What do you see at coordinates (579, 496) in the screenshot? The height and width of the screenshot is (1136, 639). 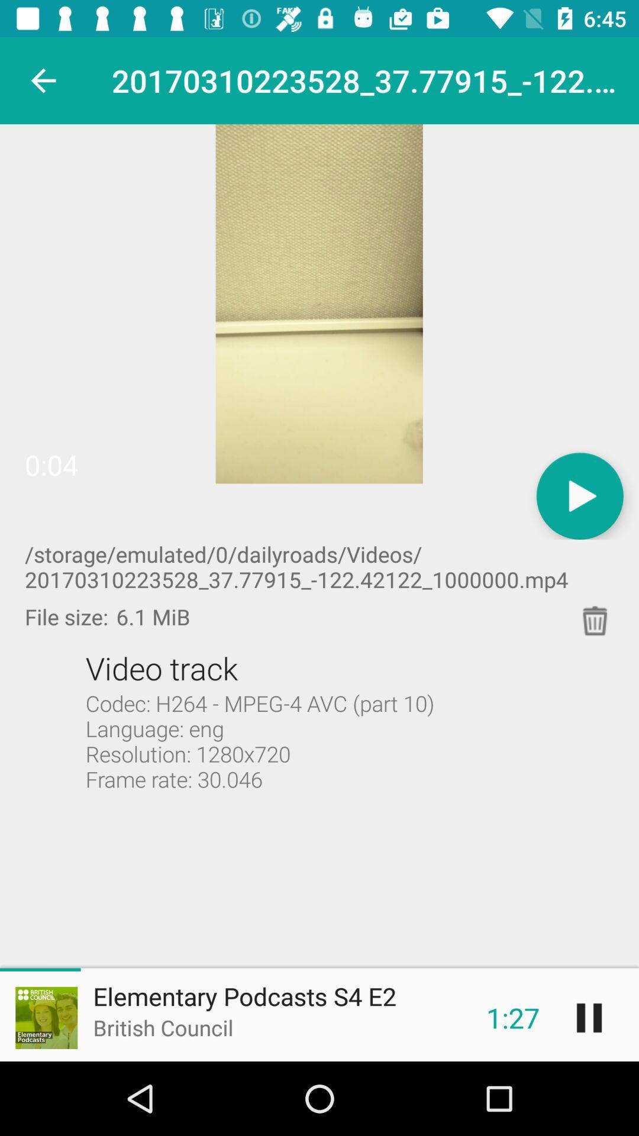 I see `the play icon` at bounding box center [579, 496].